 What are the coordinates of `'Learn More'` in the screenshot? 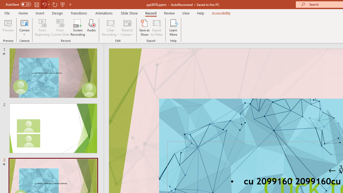 It's located at (173, 28).